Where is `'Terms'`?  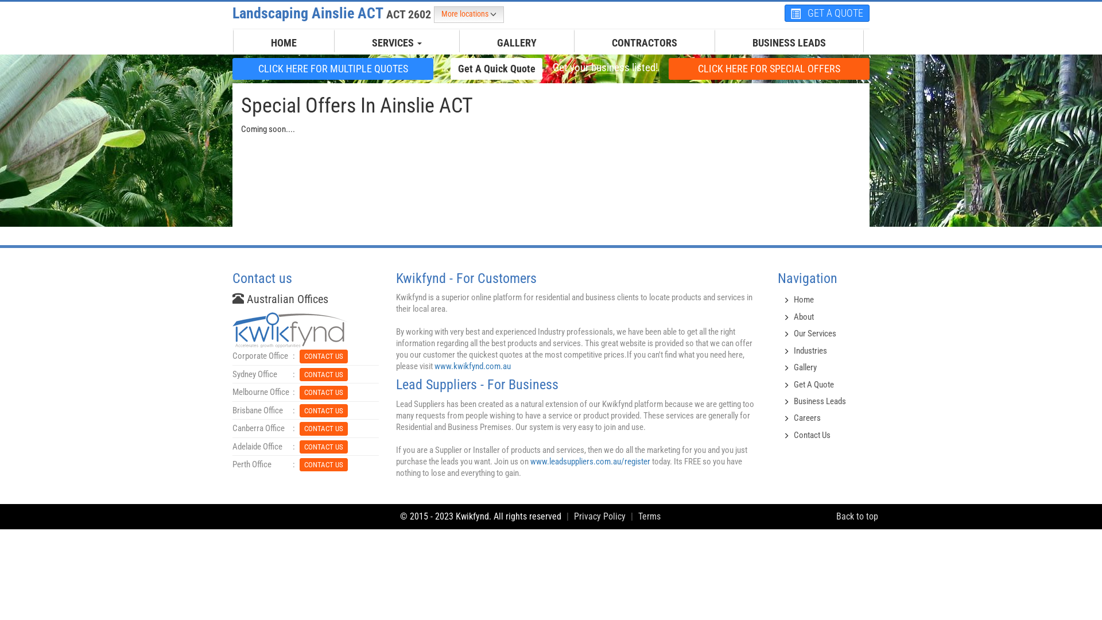
'Terms' is located at coordinates (638, 516).